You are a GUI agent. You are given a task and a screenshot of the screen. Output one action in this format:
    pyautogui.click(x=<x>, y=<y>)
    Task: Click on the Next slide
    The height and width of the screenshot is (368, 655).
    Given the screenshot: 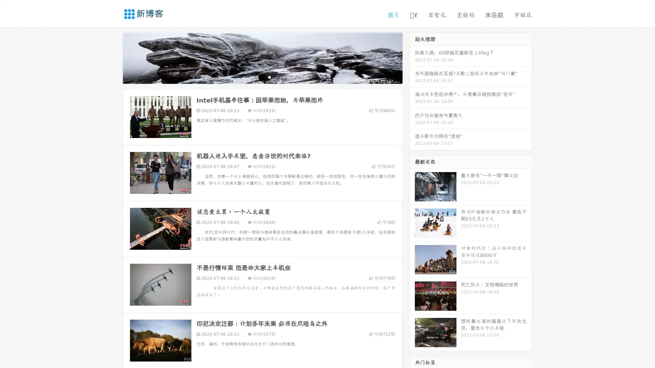 What is the action you would take?
    pyautogui.click(x=412, y=57)
    